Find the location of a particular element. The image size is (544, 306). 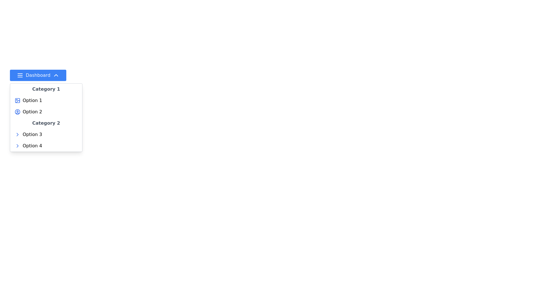

the menu item 'Option 3' located under 'Category 2' is located at coordinates (46, 134).